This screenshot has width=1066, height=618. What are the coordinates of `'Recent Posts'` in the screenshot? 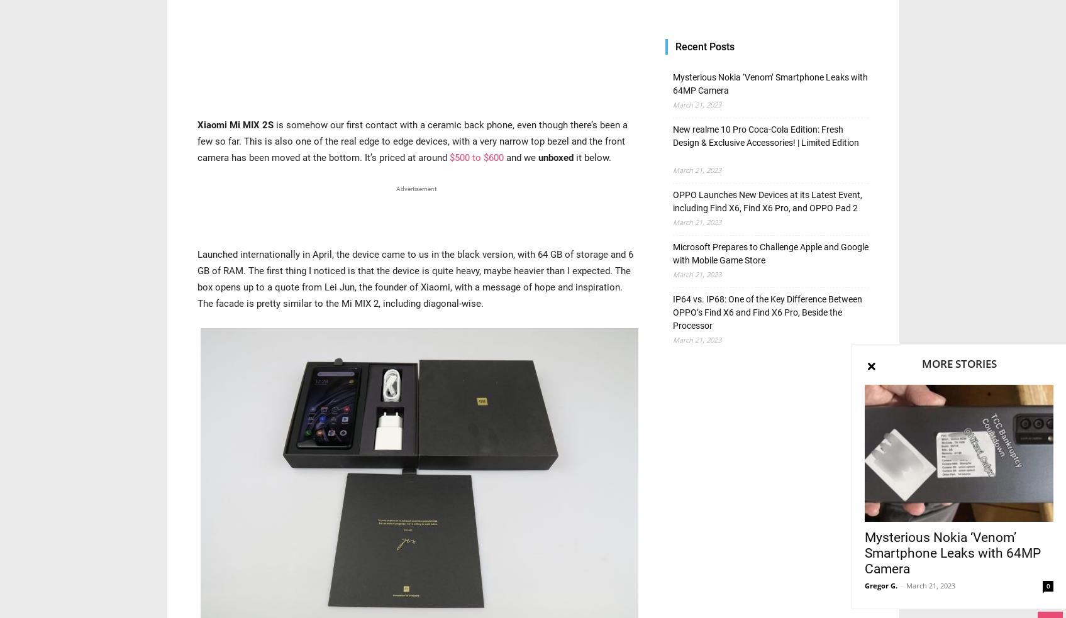 It's located at (674, 46).